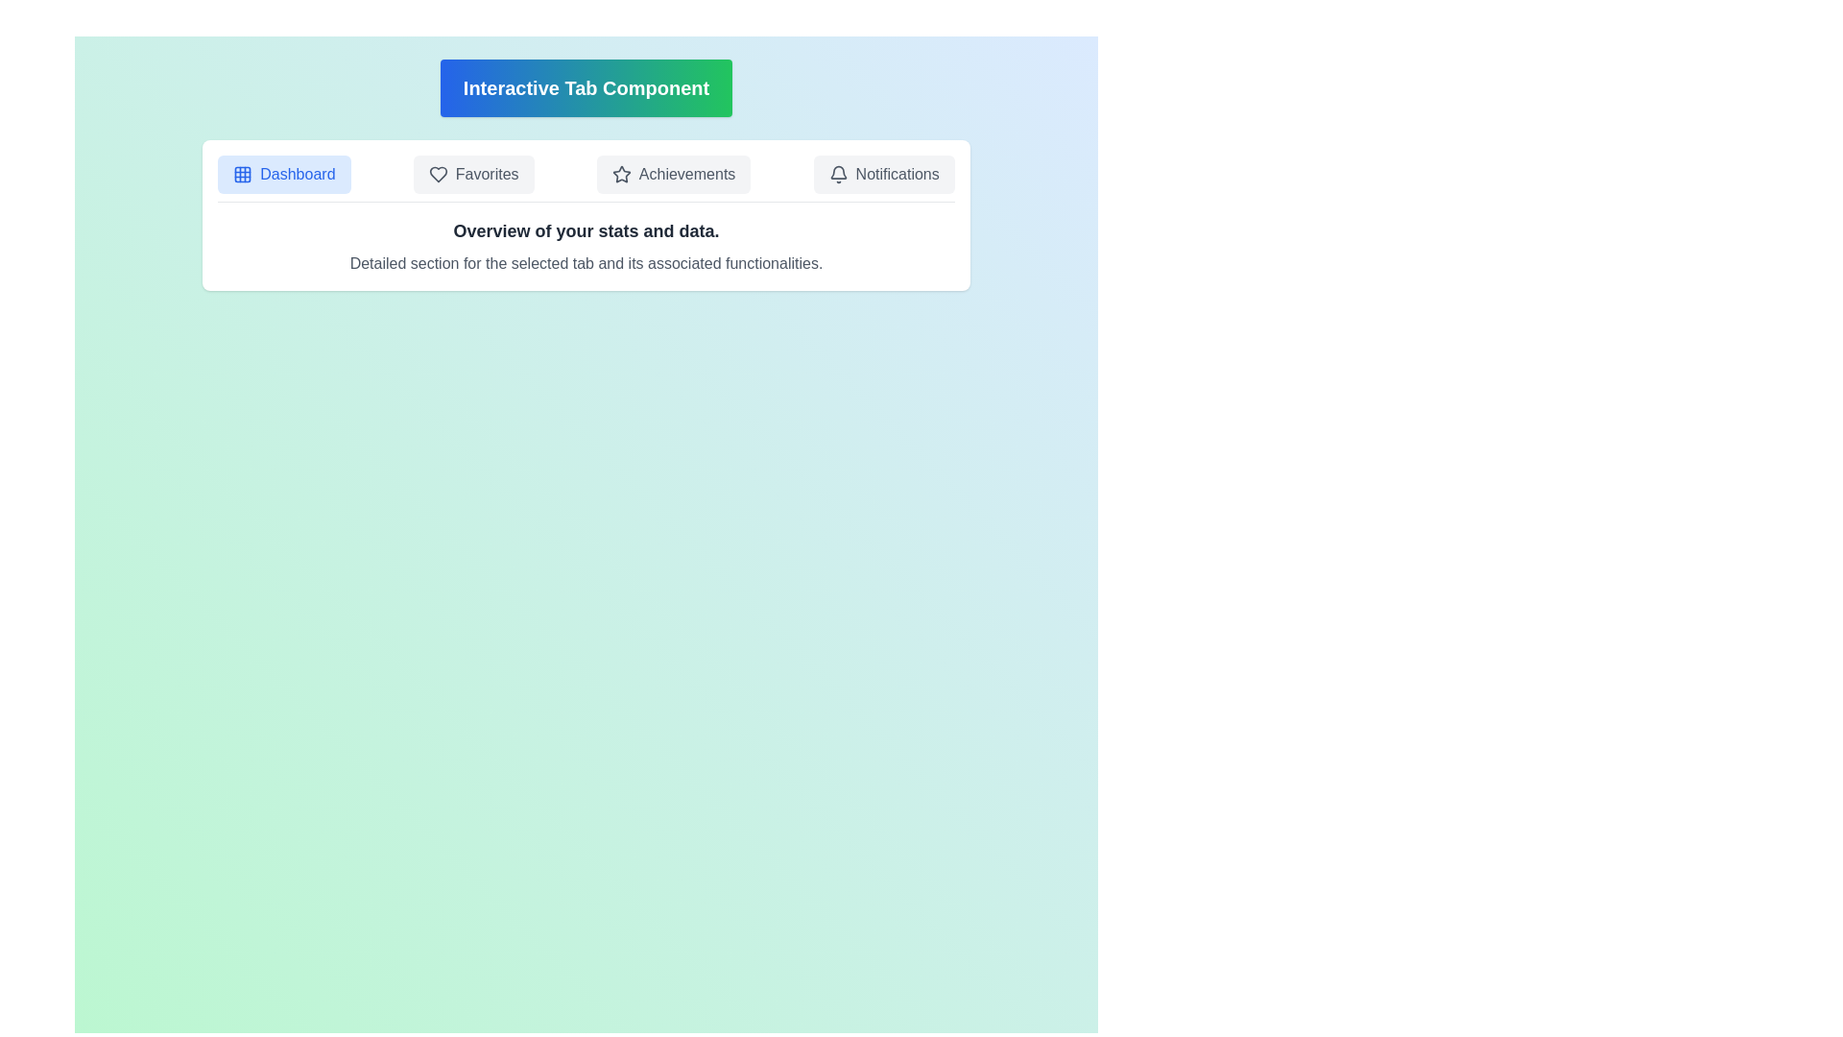  What do you see at coordinates (474, 174) in the screenshot?
I see `the tab labeled Favorites to view its associated content` at bounding box center [474, 174].